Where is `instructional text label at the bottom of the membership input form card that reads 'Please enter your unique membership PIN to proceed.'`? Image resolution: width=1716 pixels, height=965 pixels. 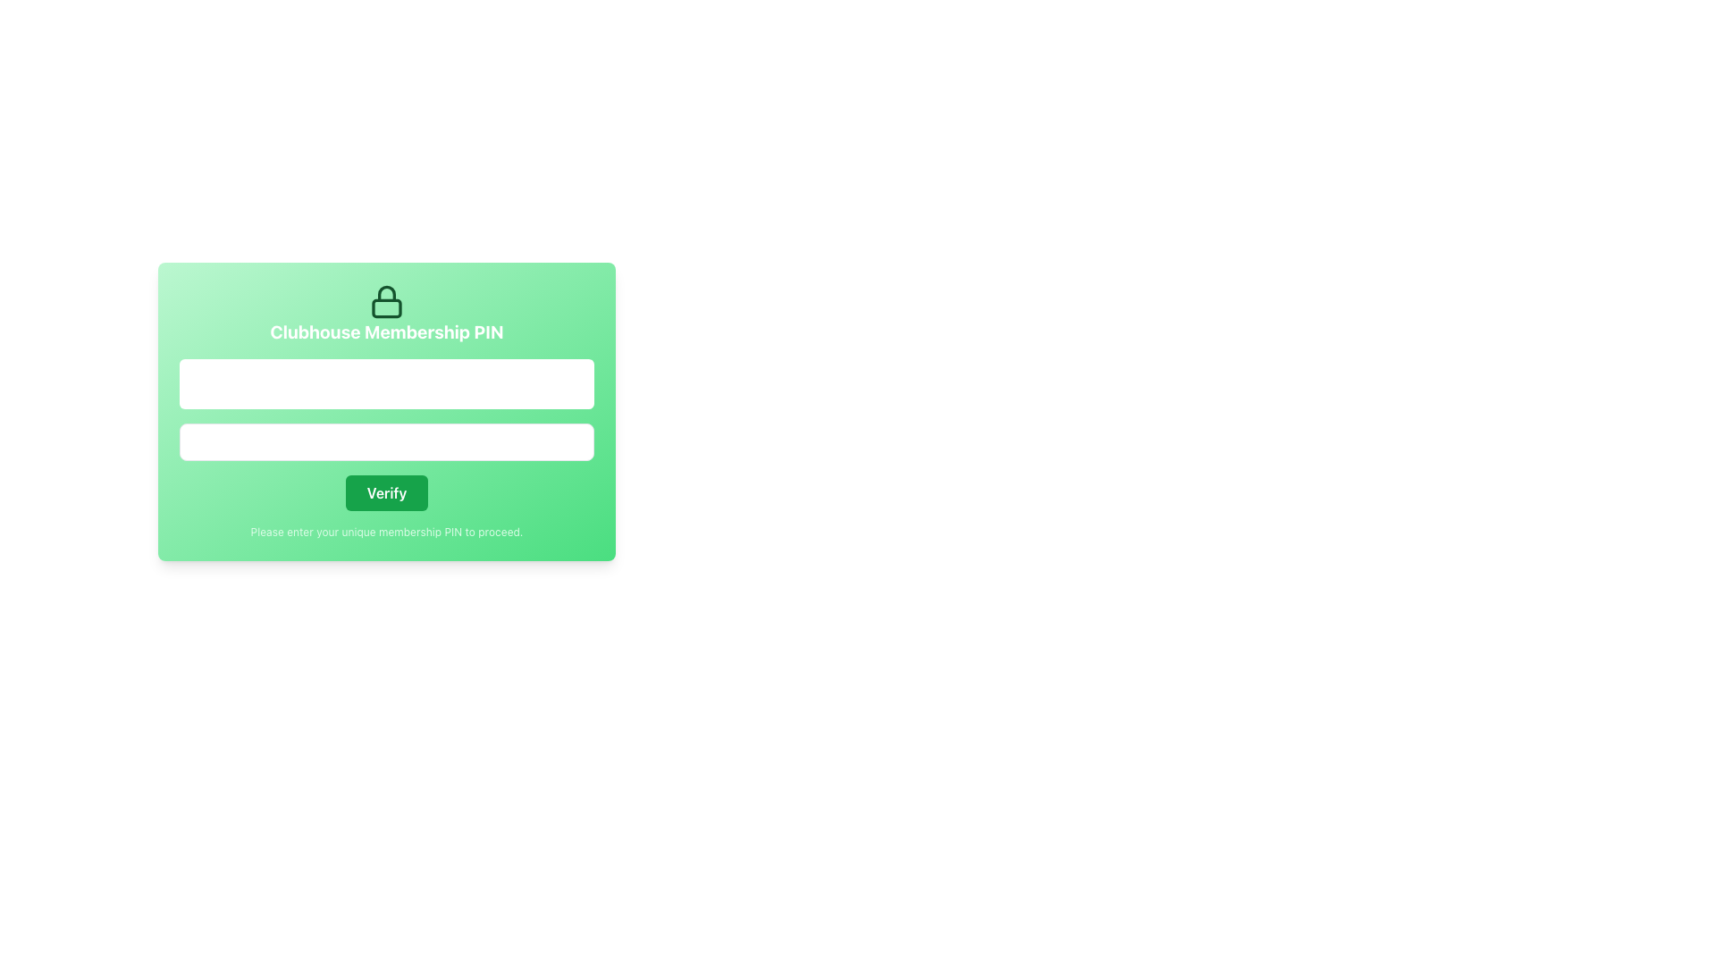
instructional text label at the bottom of the membership input form card that reads 'Please enter your unique membership PIN to proceed.' is located at coordinates (385, 532).